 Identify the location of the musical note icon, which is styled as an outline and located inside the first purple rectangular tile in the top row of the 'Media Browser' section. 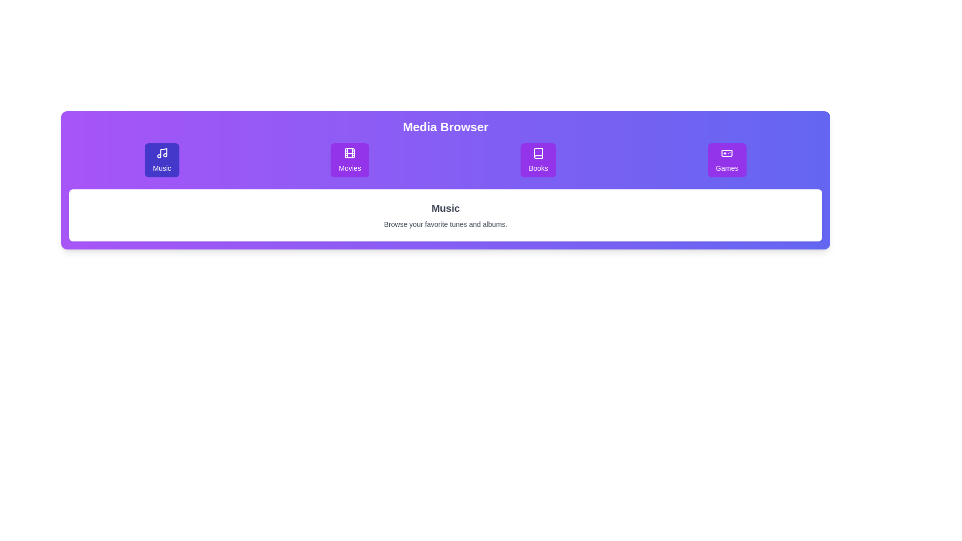
(162, 153).